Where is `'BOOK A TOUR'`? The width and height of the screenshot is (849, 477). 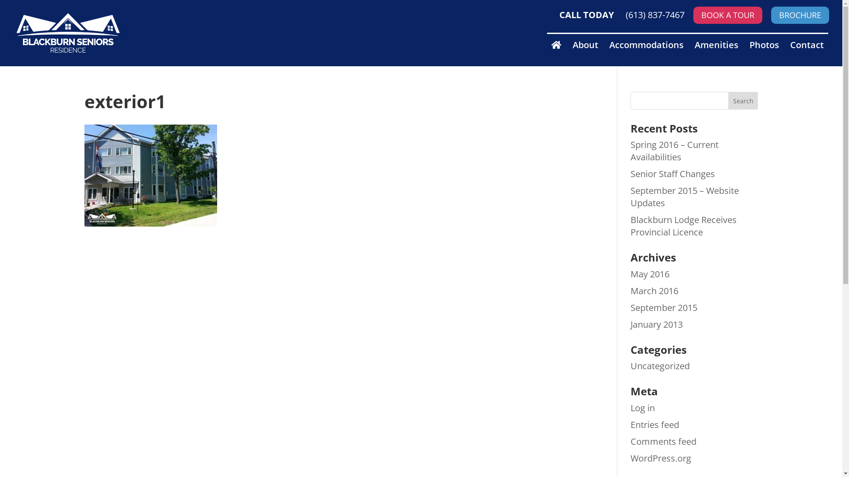 'BOOK A TOUR' is located at coordinates (728, 15).